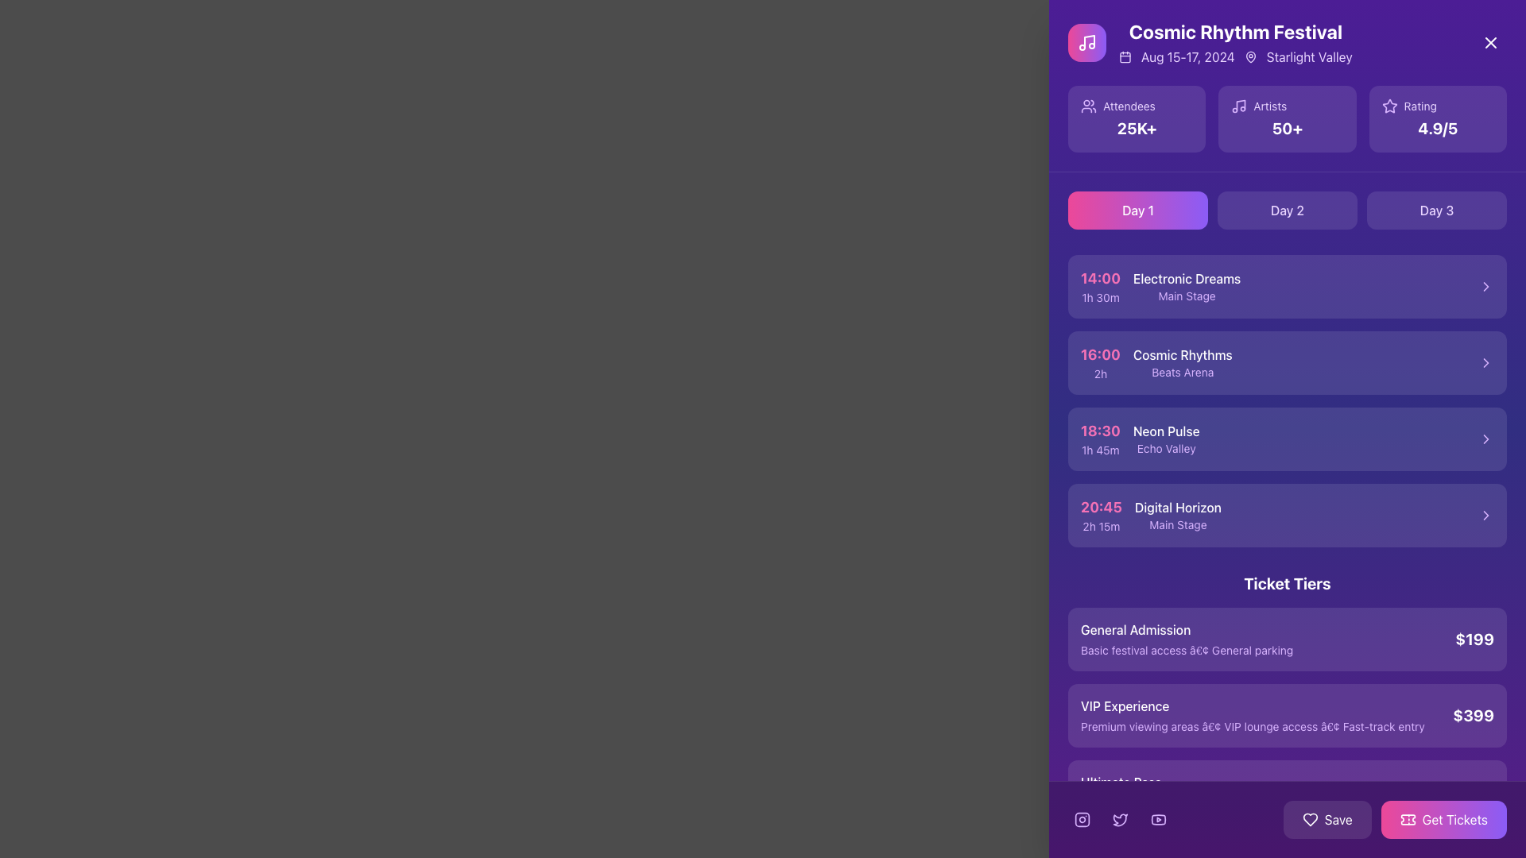 The image size is (1526, 858). Describe the element at coordinates (1389, 106) in the screenshot. I see `the visual representation of the SVG icon that indicates the rating of the event, located in the top section of the right-side panel below the event title` at that location.